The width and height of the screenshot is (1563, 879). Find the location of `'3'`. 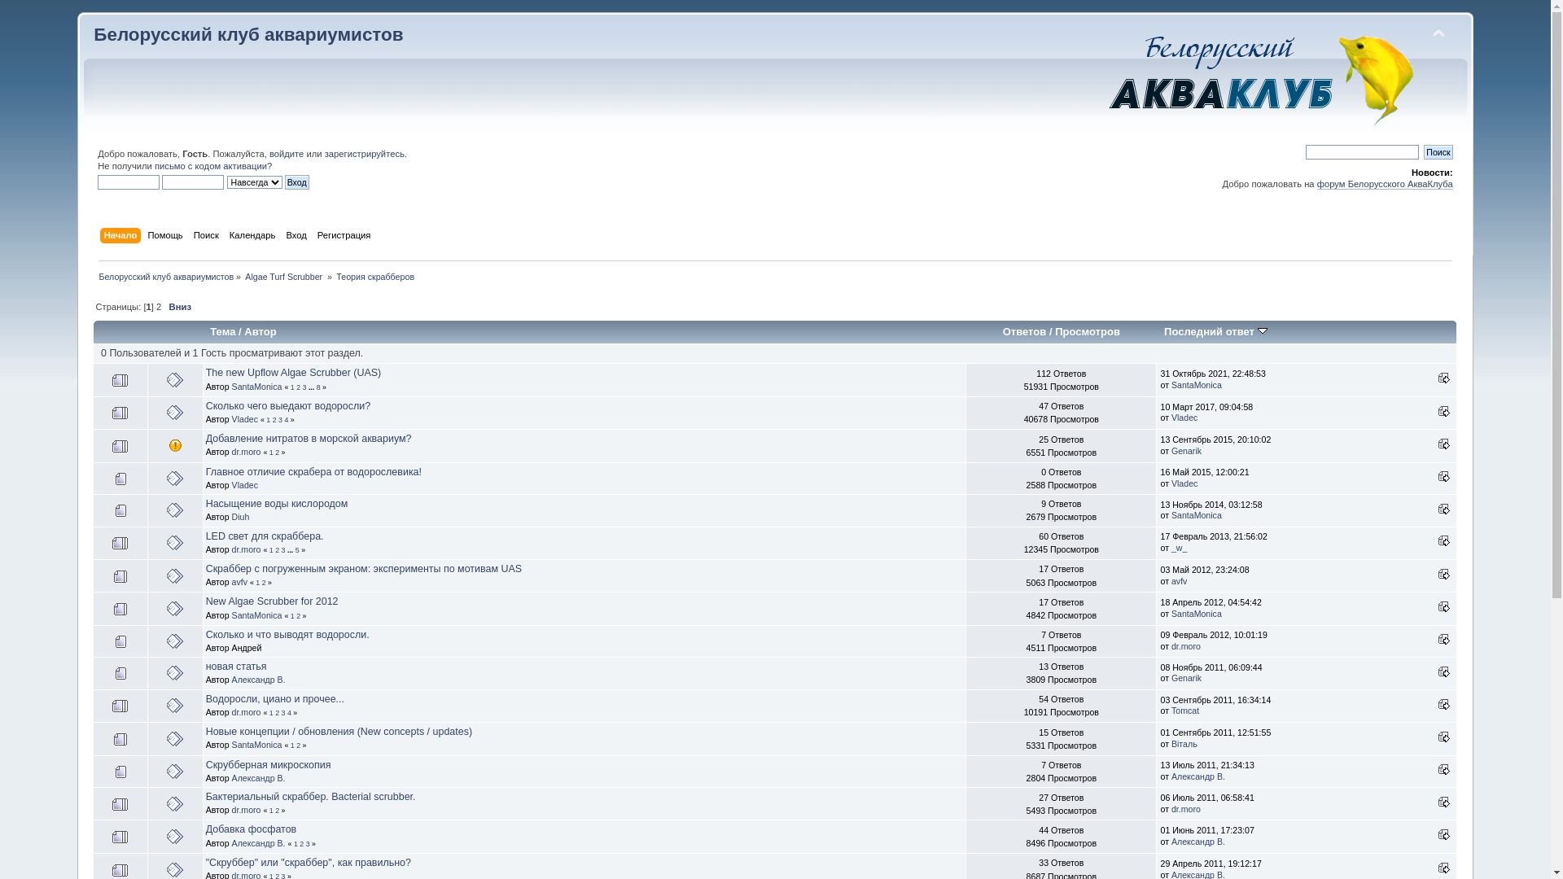

'3' is located at coordinates (308, 843).